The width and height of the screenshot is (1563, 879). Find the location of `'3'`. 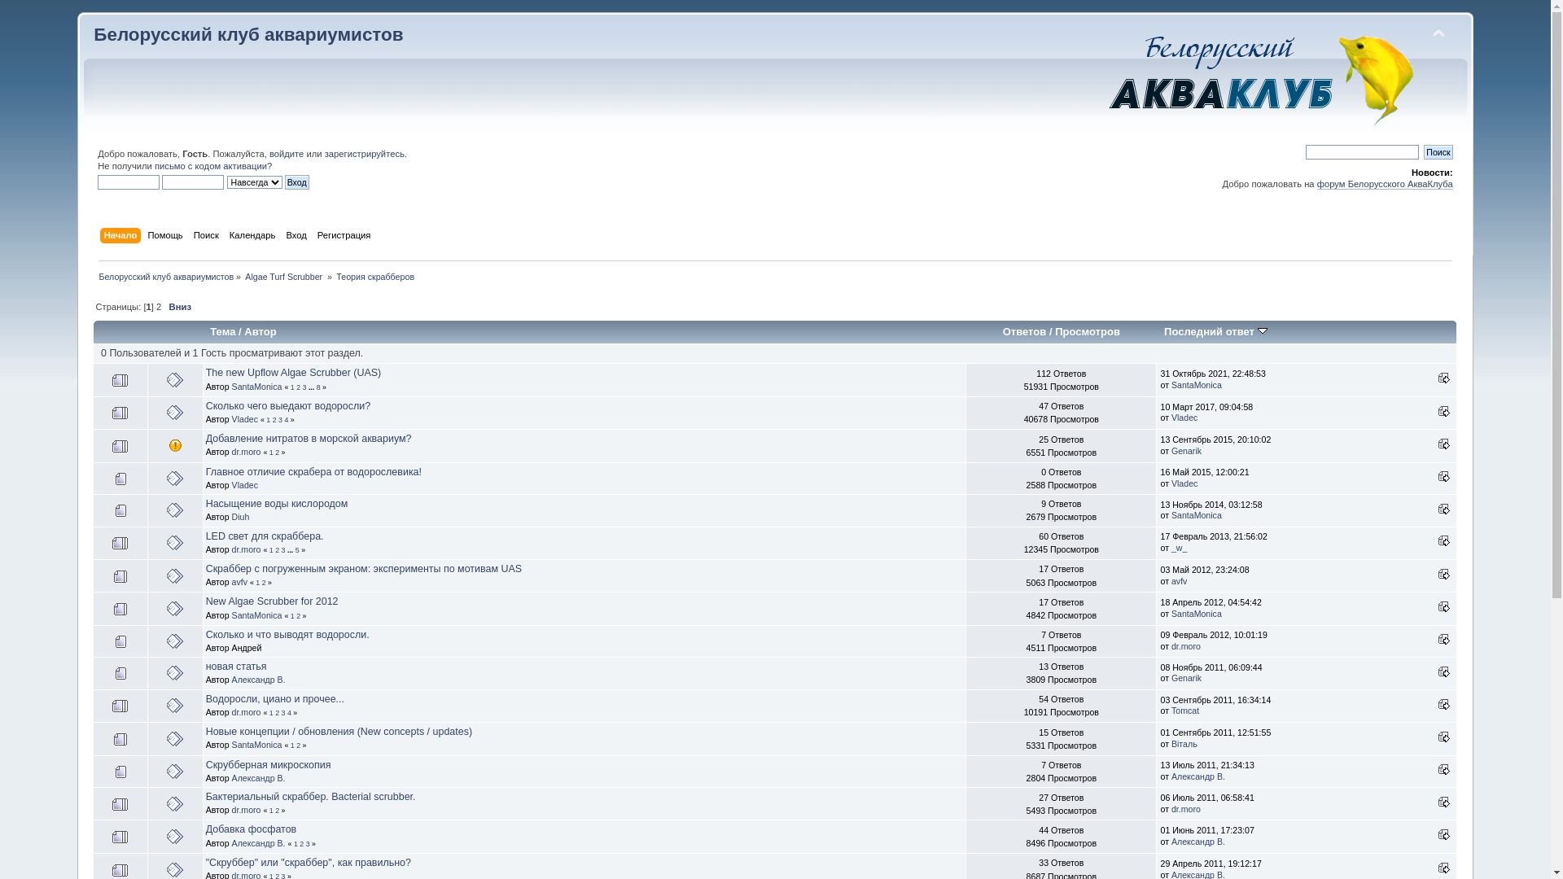

'3' is located at coordinates (308, 843).